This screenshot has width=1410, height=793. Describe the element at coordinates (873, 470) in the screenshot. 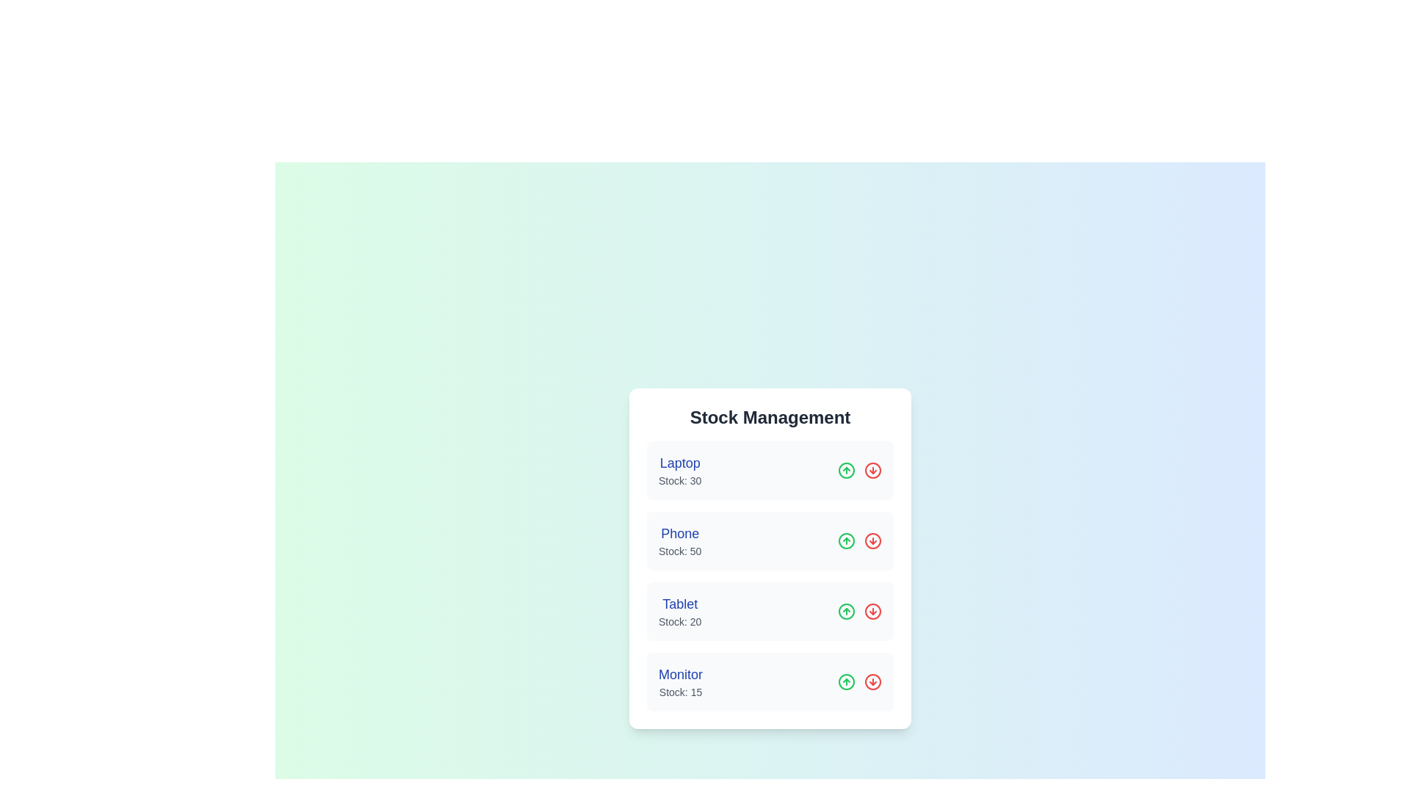

I see `the decrement icon for the product Laptop` at that location.